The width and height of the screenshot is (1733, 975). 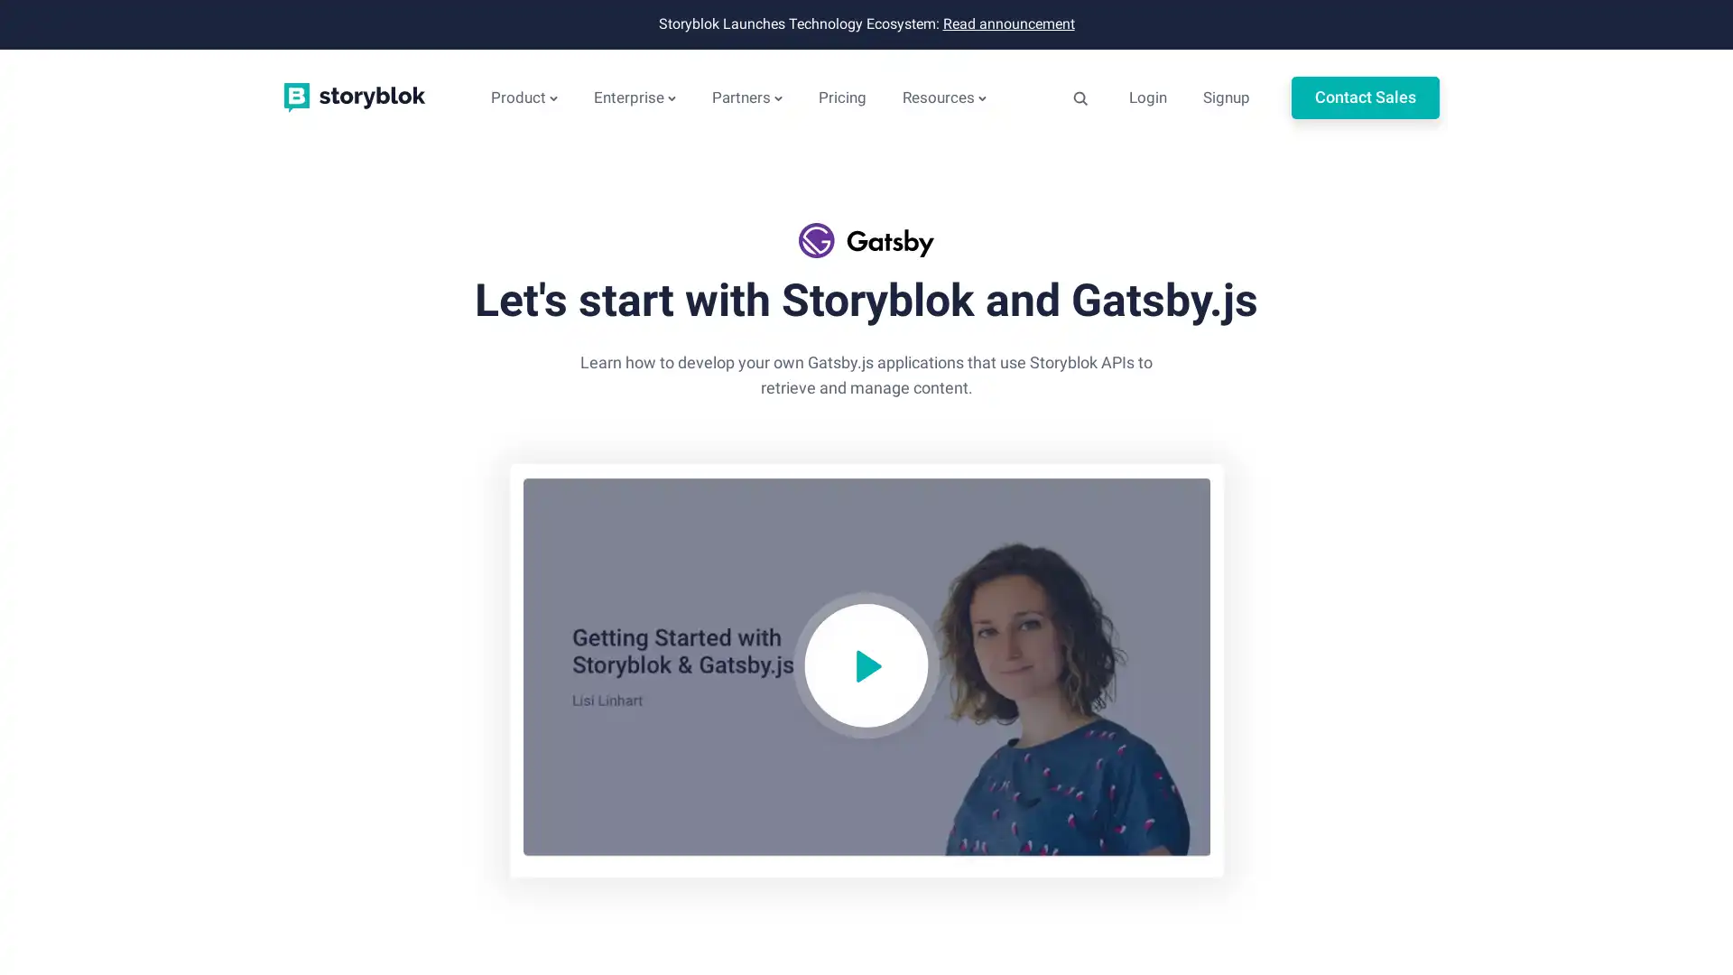 What do you see at coordinates (635, 97) in the screenshot?
I see `Enterprise` at bounding box center [635, 97].